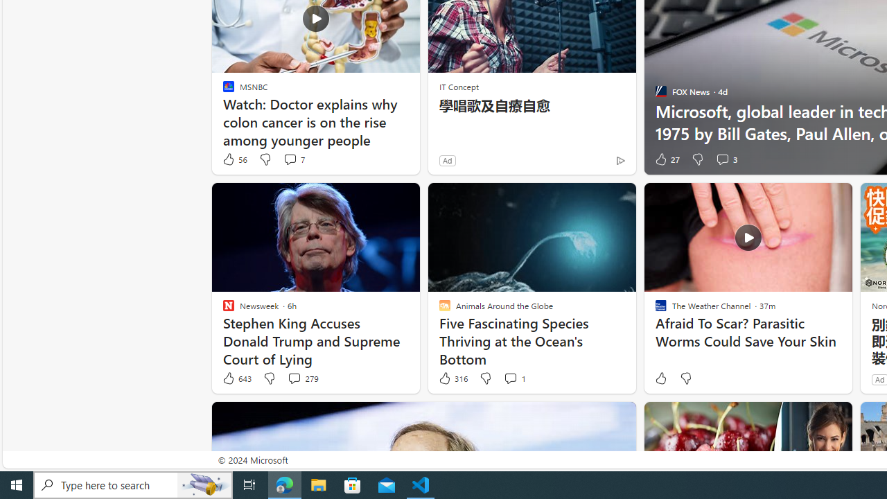  I want to click on 'View comments 3 Comment', so click(726, 159).